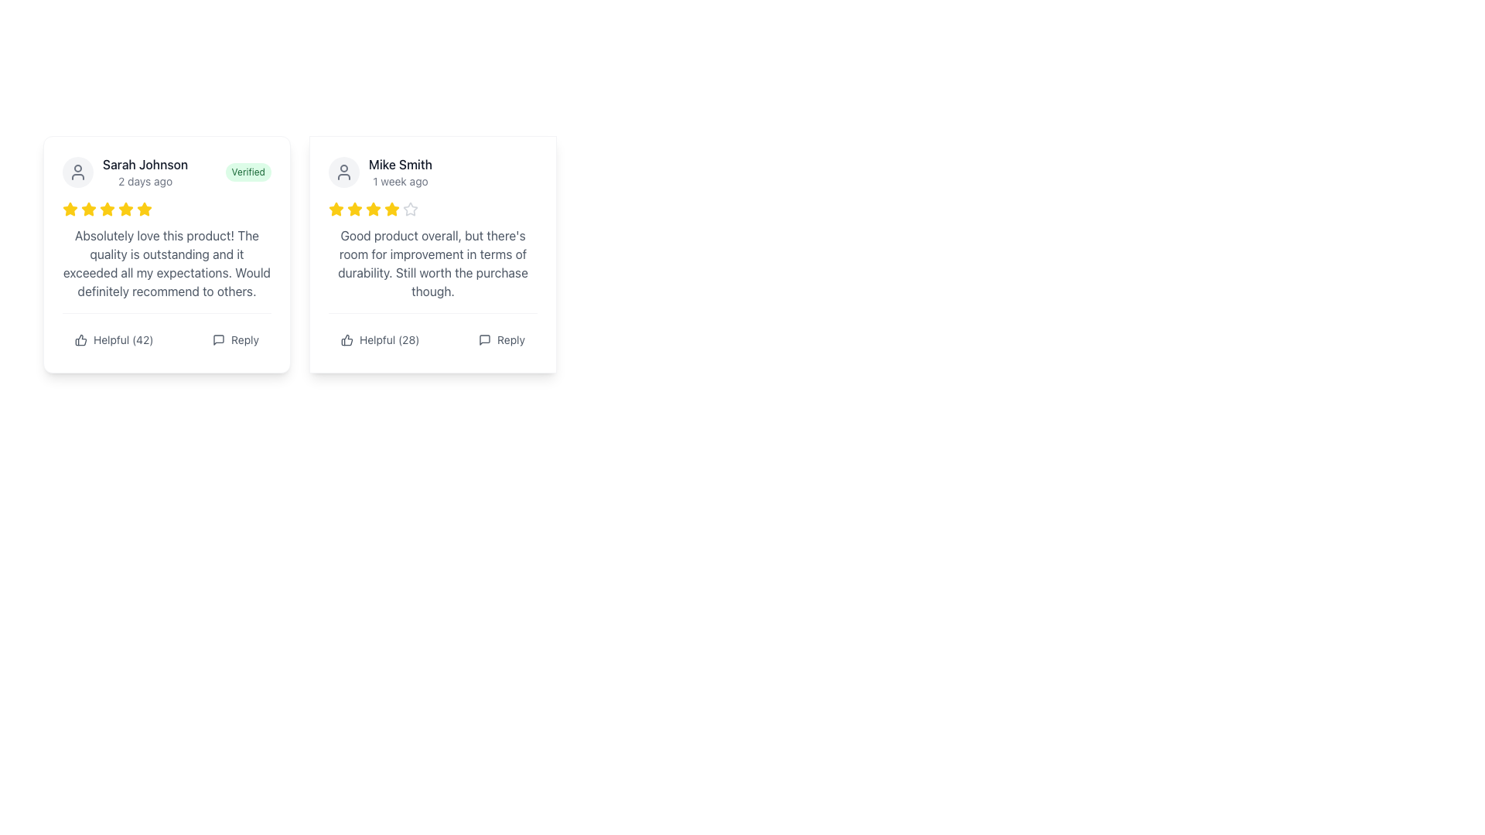 This screenshot has height=835, width=1485. Describe the element at coordinates (343, 172) in the screenshot. I see `the profile icon or avatar of the reviewer located` at that location.